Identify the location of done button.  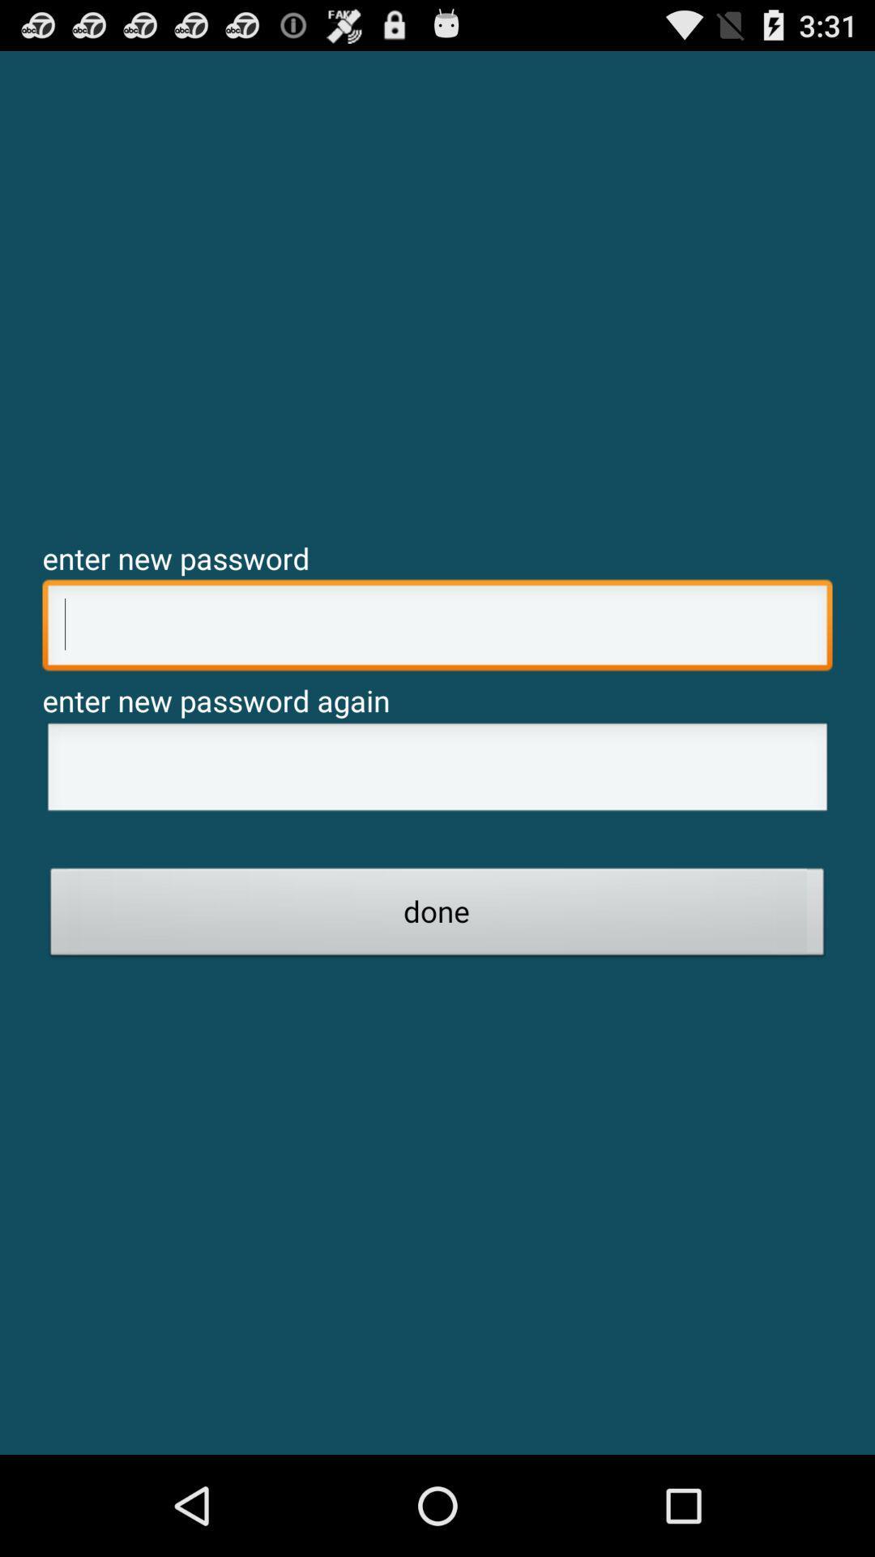
(437, 916).